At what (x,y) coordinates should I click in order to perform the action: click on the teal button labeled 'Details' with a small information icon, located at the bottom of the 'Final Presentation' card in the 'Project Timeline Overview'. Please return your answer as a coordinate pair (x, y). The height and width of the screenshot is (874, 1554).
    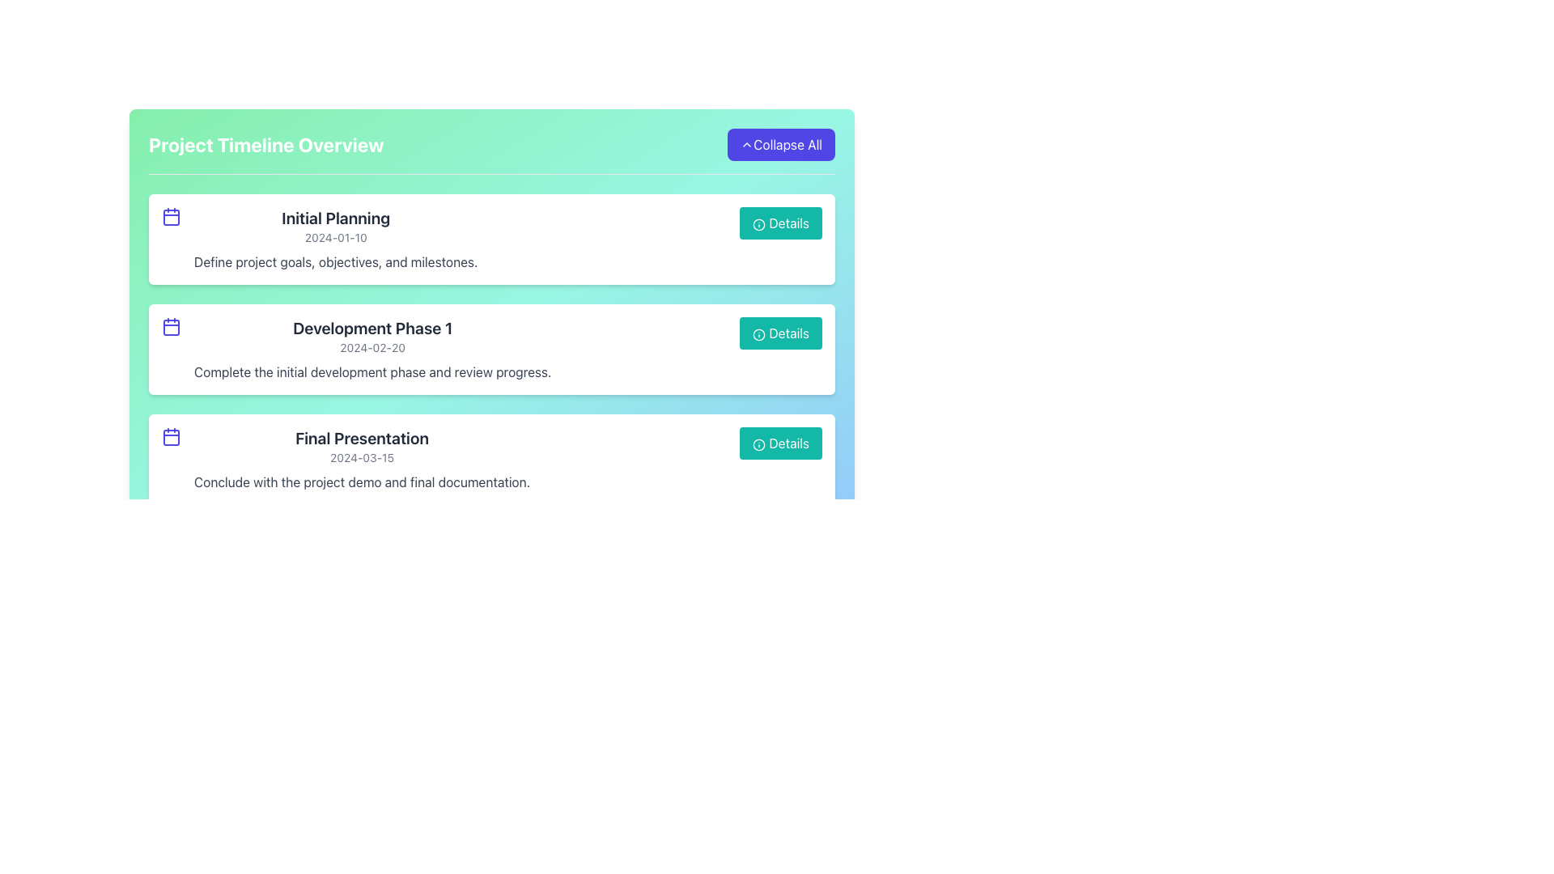
    Looking at the image, I should click on (781, 443).